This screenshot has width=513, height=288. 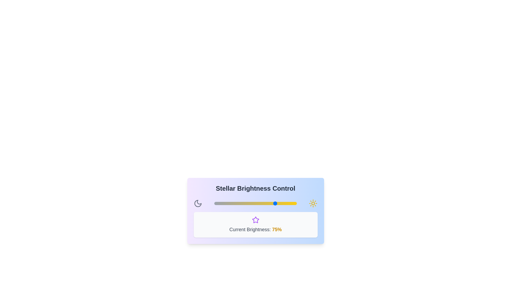 I want to click on the slider to set the brightness to 11%, so click(x=223, y=203).